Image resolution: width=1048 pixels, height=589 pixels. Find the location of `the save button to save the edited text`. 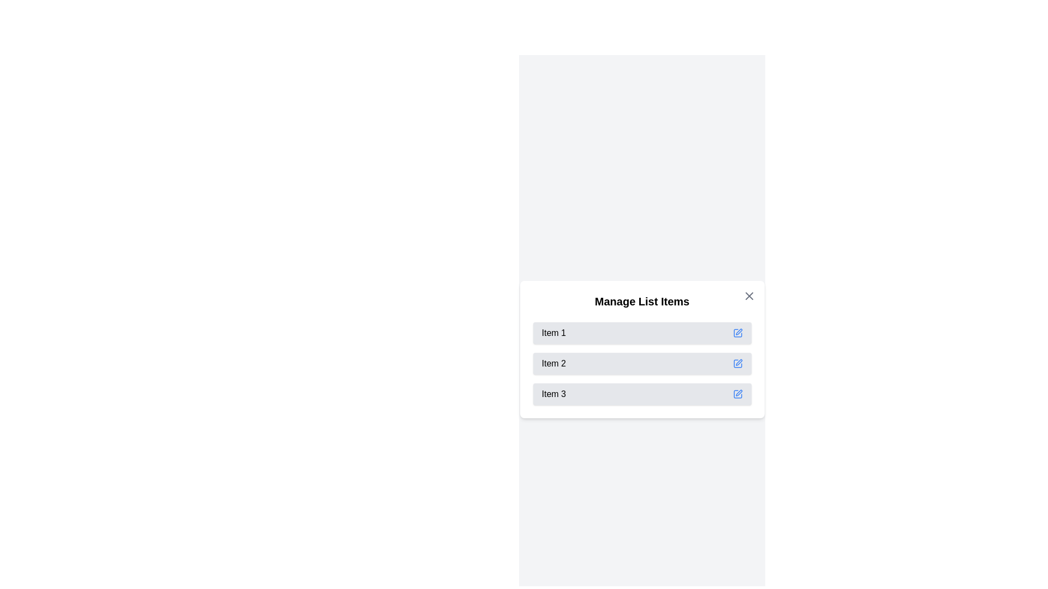

the save button to save the edited text is located at coordinates (737, 332).